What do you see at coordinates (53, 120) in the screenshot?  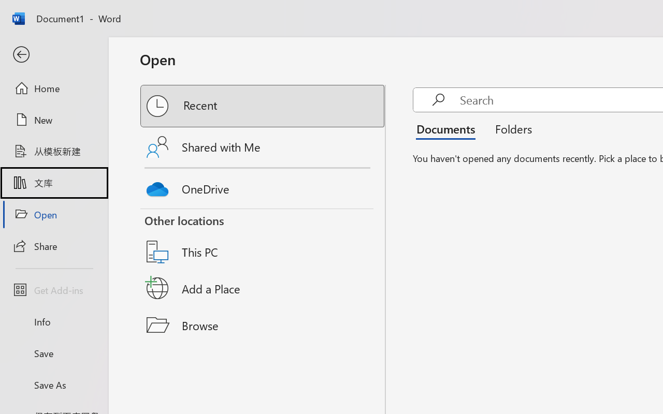 I see `'New'` at bounding box center [53, 120].